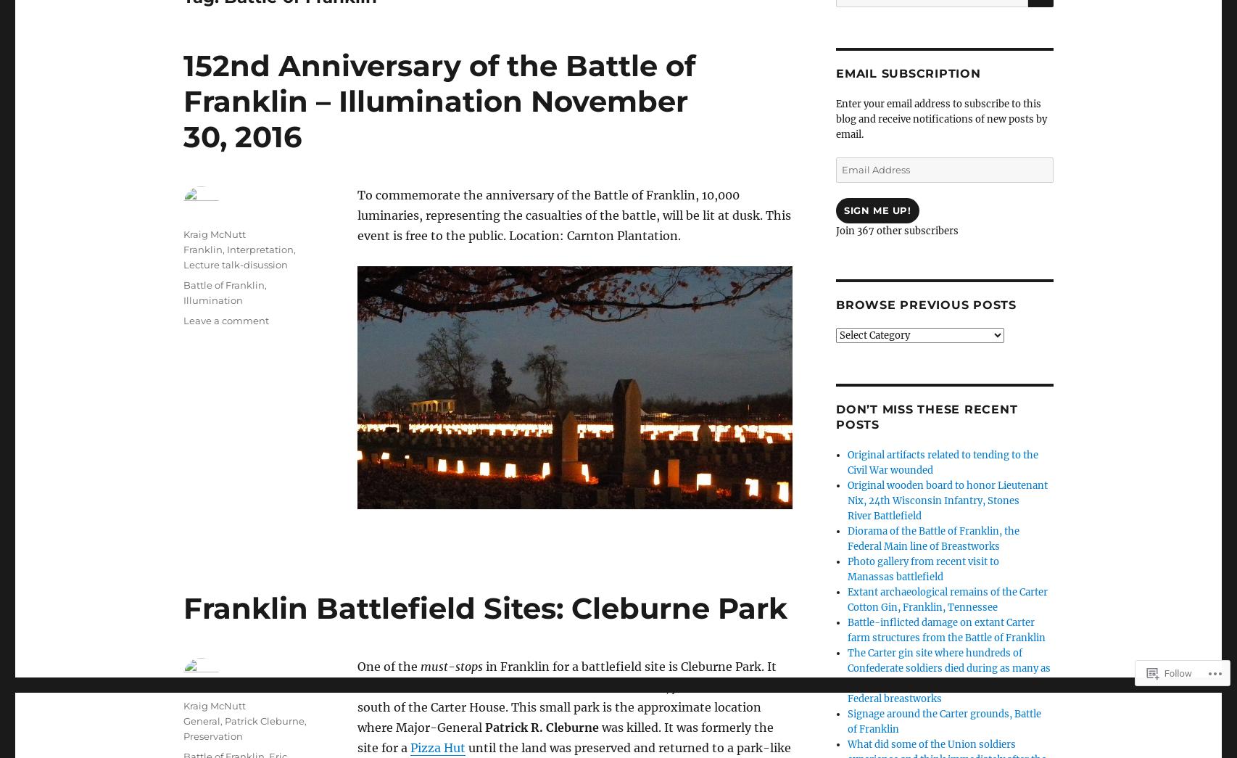  Describe the element at coordinates (1177, 672) in the screenshot. I see `'Follow'` at that location.